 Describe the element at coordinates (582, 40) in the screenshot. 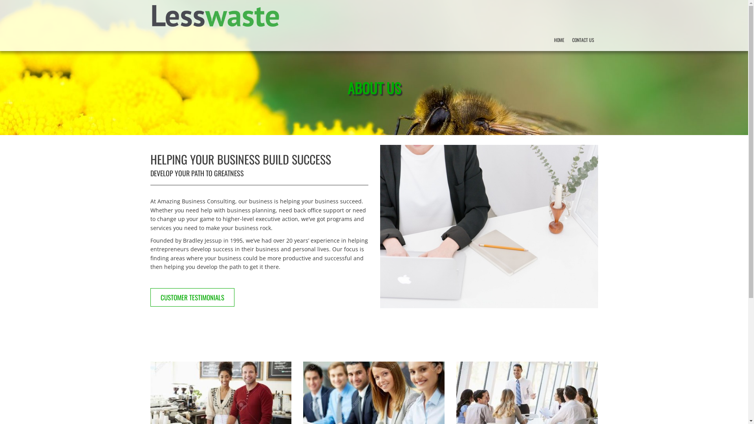

I see `'CONTACT US'` at that location.